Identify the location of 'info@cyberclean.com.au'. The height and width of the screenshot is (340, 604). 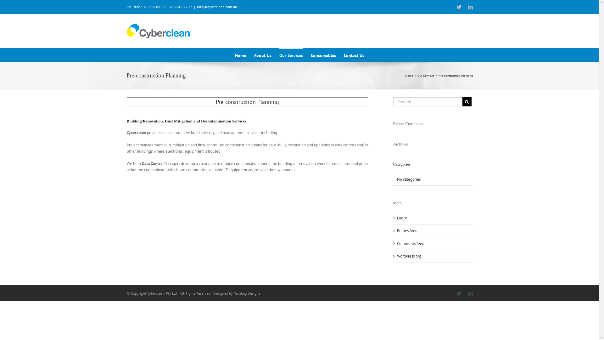
(217, 7).